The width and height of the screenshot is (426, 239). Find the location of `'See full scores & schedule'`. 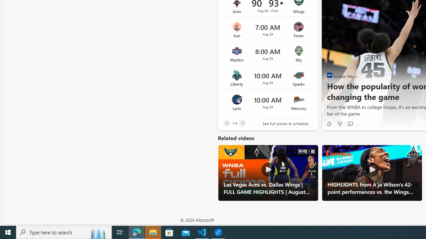

'See full scores & schedule' is located at coordinates (280, 123).